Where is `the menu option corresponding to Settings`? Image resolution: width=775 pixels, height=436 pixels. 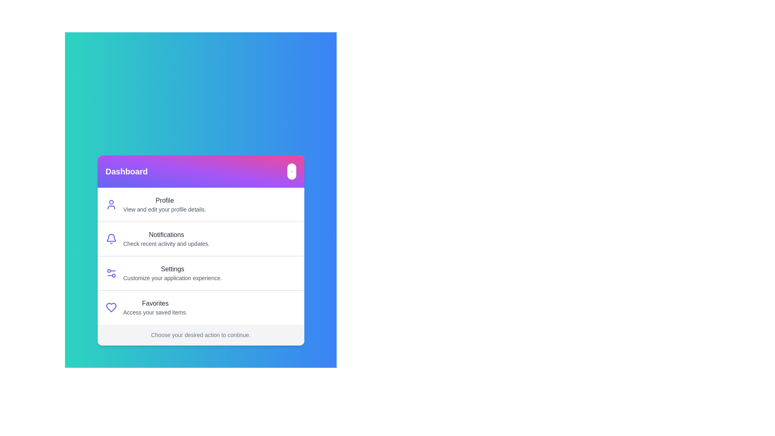
the menu option corresponding to Settings is located at coordinates (172, 272).